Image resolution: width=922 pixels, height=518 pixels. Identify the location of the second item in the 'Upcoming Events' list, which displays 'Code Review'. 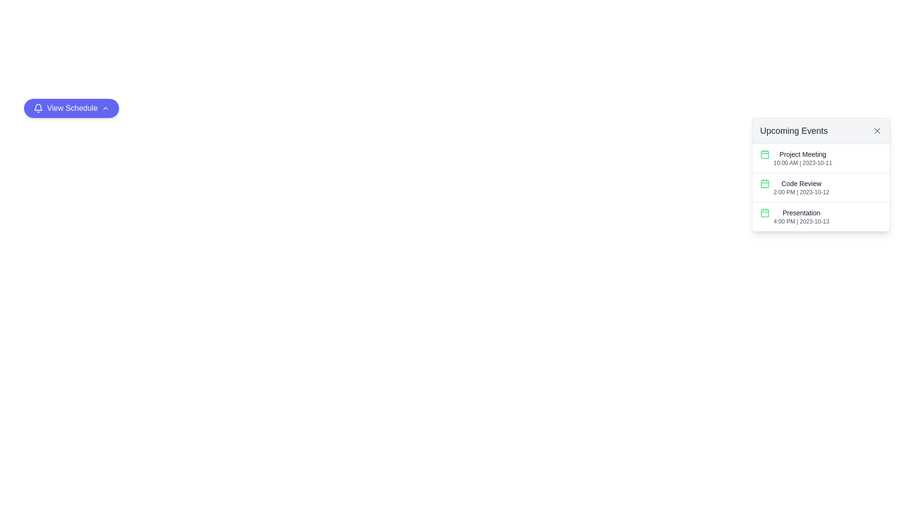
(820, 187).